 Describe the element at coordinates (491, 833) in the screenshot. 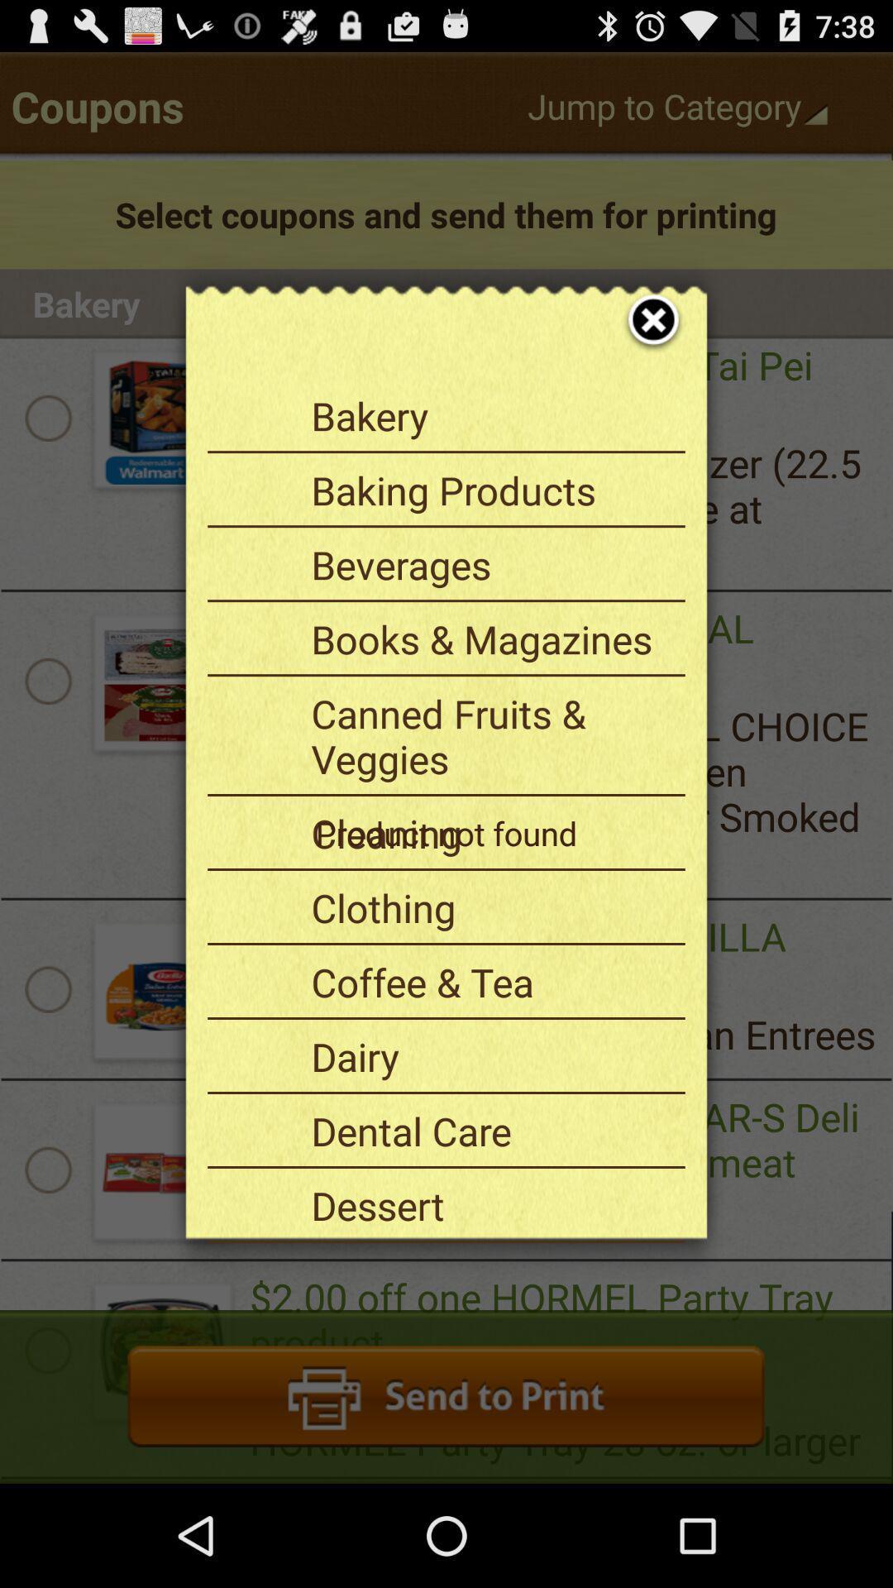

I see `the cleaning item` at that location.